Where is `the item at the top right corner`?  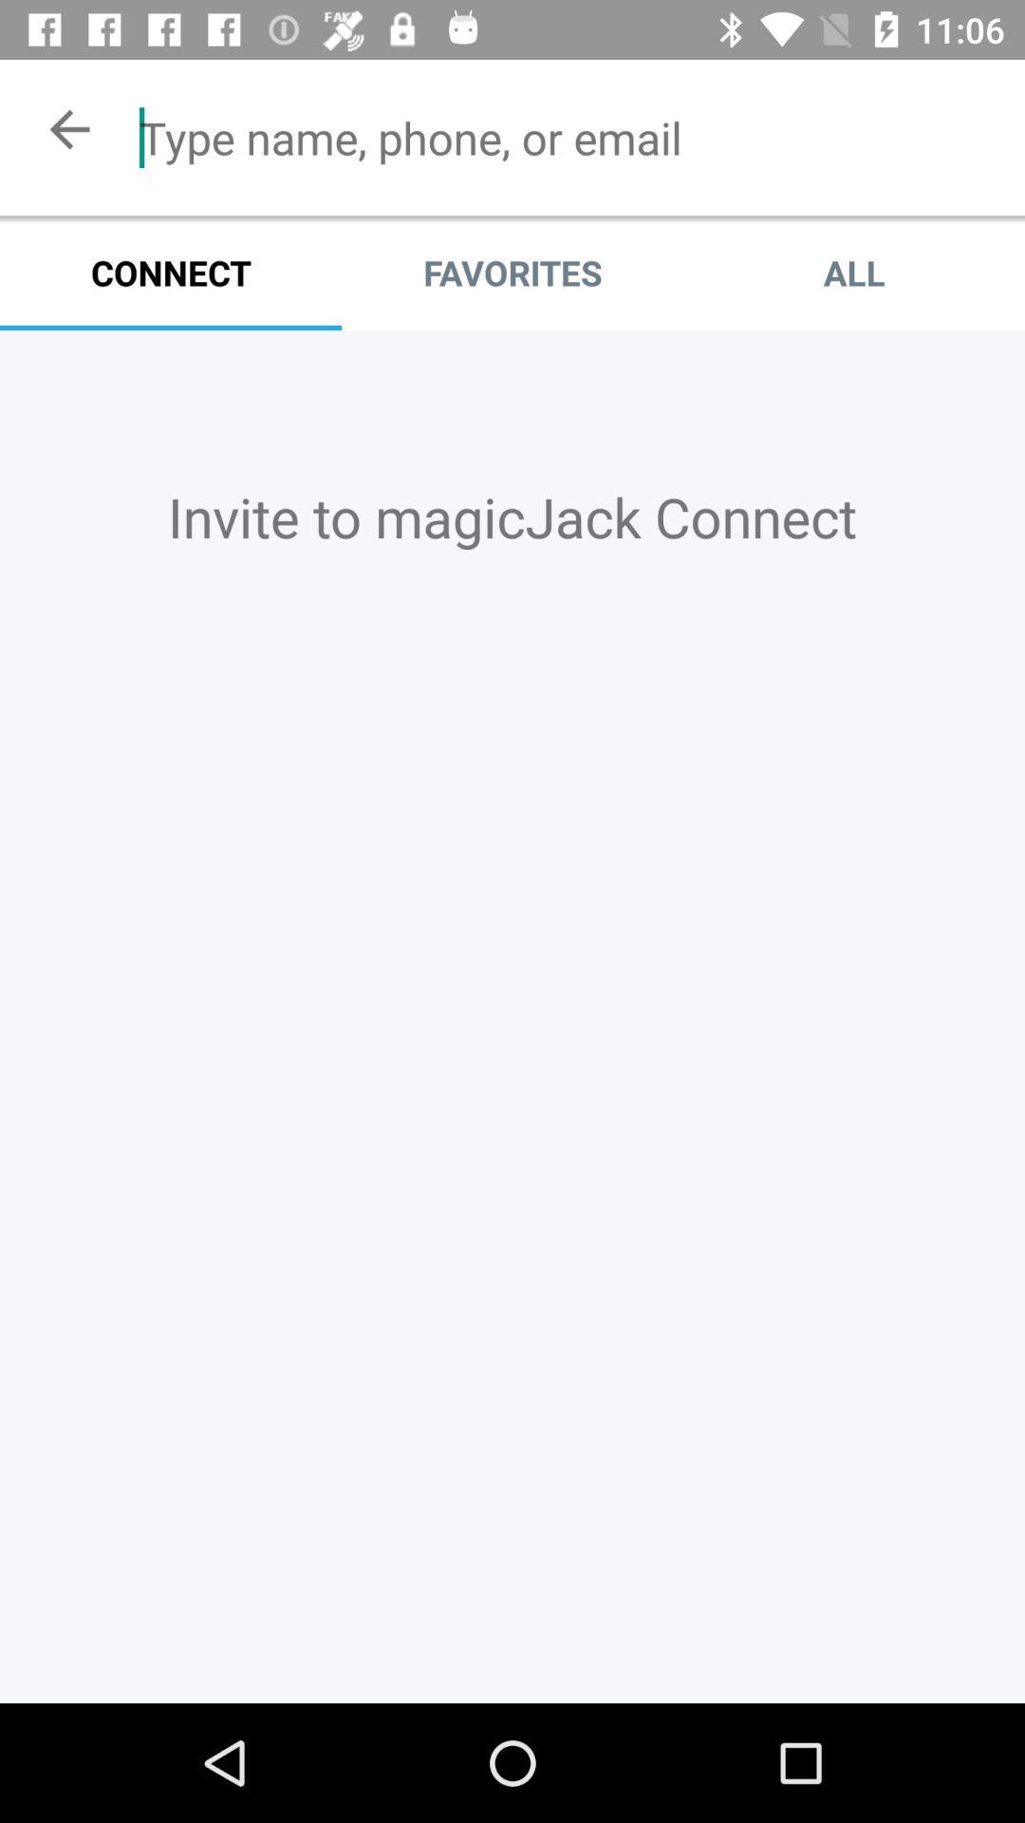
the item at the top right corner is located at coordinates (852, 272).